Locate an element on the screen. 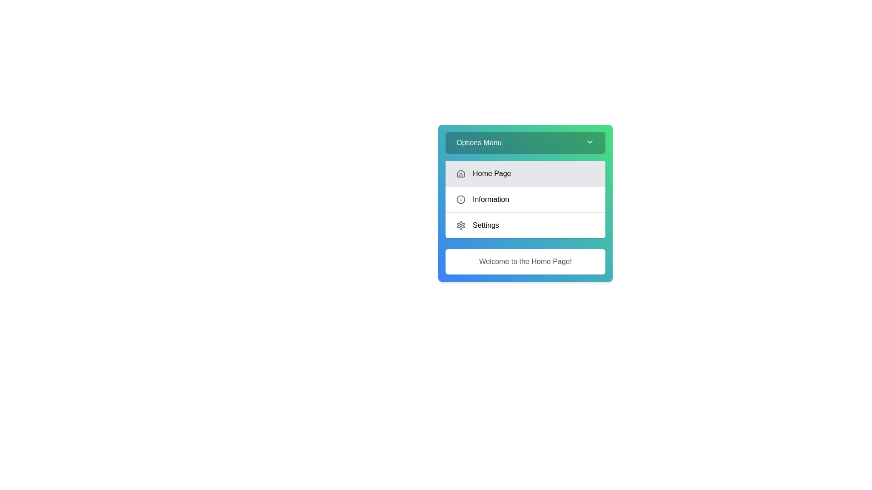  the first item in the 'Options Menu' list, which navigates to the home page of the application is located at coordinates (525, 173).